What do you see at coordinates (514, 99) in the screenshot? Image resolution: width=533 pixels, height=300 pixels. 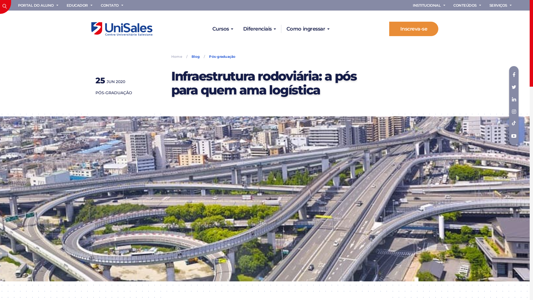 I see `'Linkedin'` at bounding box center [514, 99].